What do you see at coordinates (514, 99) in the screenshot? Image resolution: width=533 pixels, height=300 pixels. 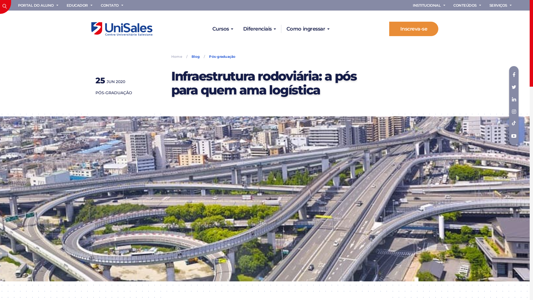 I see `'Linkedin'` at bounding box center [514, 99].